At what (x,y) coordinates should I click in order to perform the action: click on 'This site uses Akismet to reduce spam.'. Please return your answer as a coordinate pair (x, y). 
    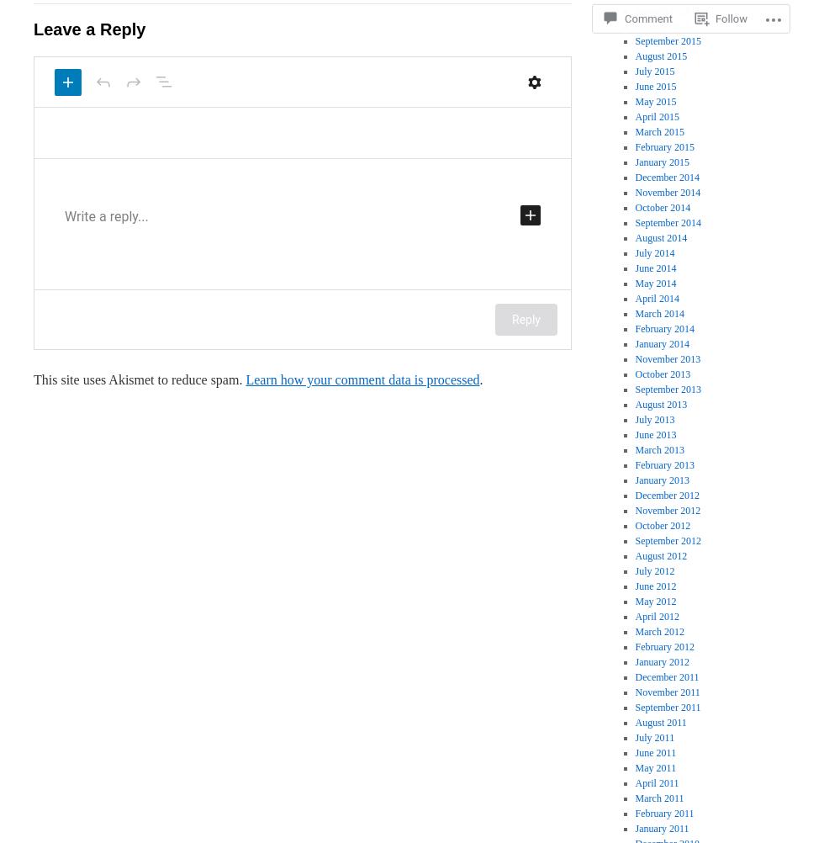
    Looking at the image, I should click on (140, 379).